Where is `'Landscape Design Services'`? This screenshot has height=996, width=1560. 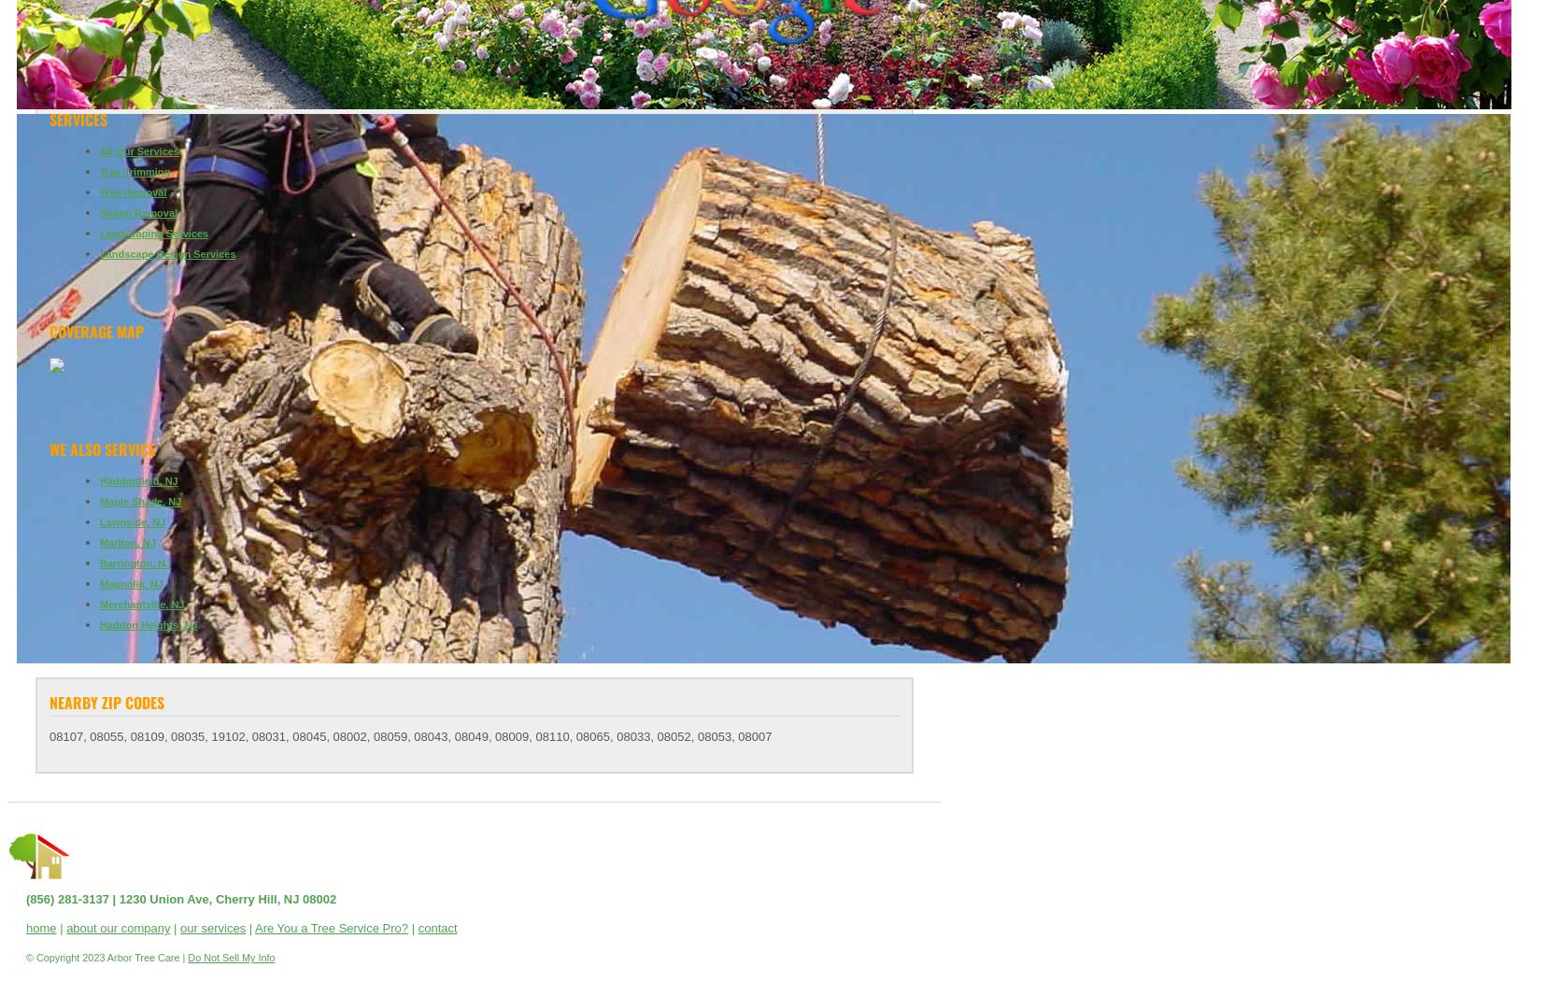
'Landscape Design Services' is located at coordinates (167, 254).